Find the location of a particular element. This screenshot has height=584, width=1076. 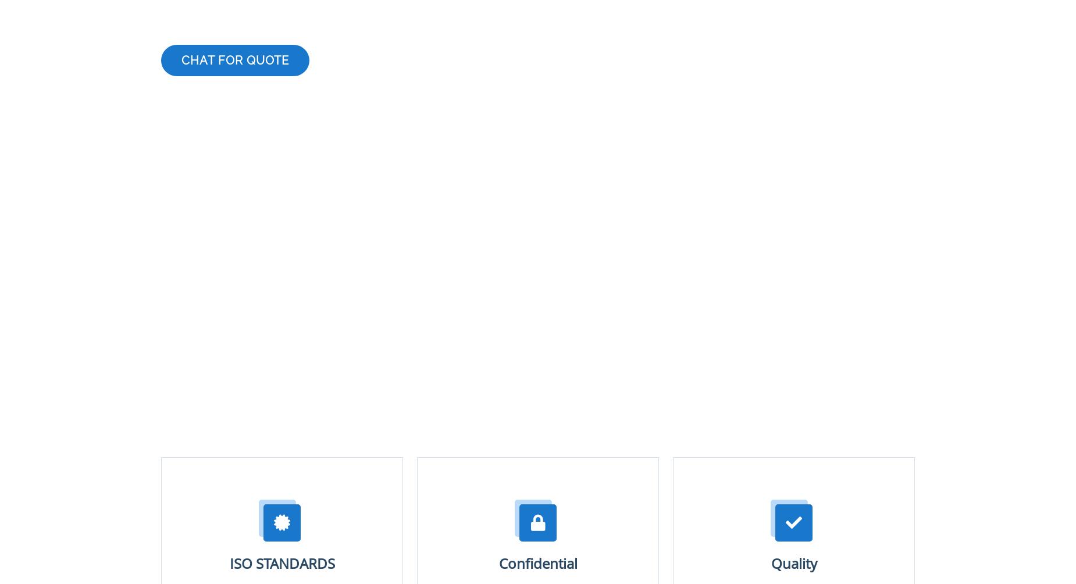

': +44-80-8238-0078' is located at coordinates (541, 426).